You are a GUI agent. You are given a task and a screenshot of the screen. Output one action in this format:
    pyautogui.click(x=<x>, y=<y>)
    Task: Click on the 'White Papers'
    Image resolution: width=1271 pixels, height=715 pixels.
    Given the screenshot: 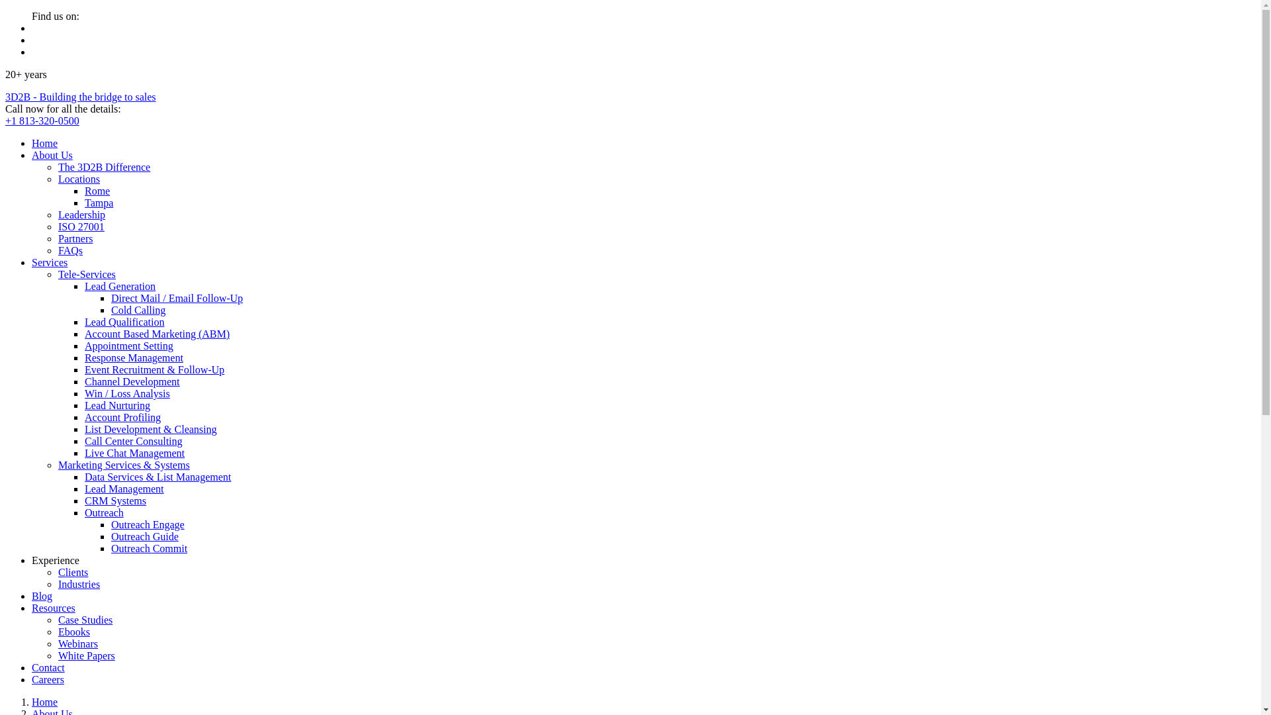 What is the action you would take?
    pyautogui.click(x=57, y=655)
    